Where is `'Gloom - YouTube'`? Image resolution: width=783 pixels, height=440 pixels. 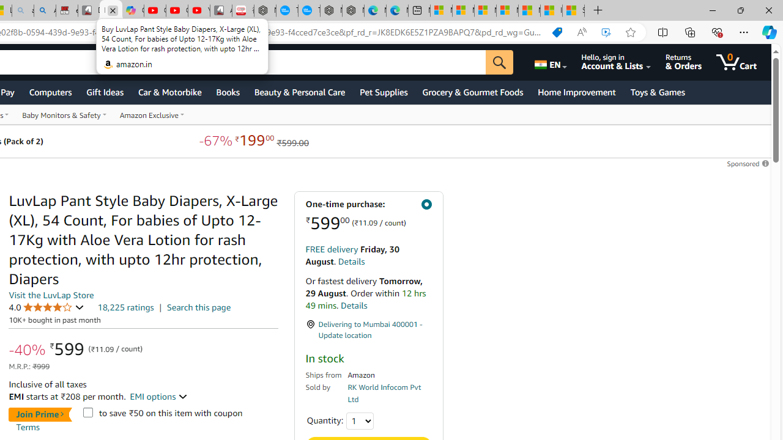 'Gloom - YouTube' is located at coordinates (176, 10).